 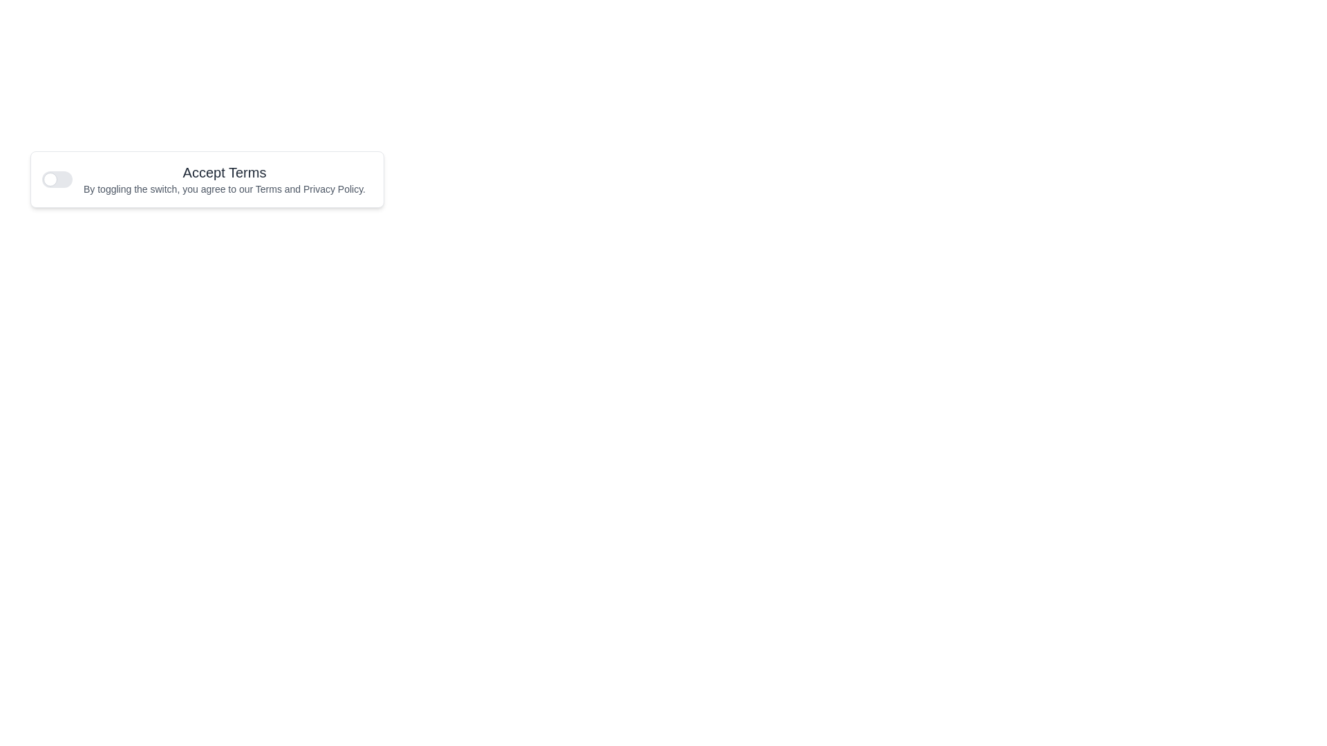 I want to click on the 'Accept Terms' label with explanatory text, so click(x=225, y=178).